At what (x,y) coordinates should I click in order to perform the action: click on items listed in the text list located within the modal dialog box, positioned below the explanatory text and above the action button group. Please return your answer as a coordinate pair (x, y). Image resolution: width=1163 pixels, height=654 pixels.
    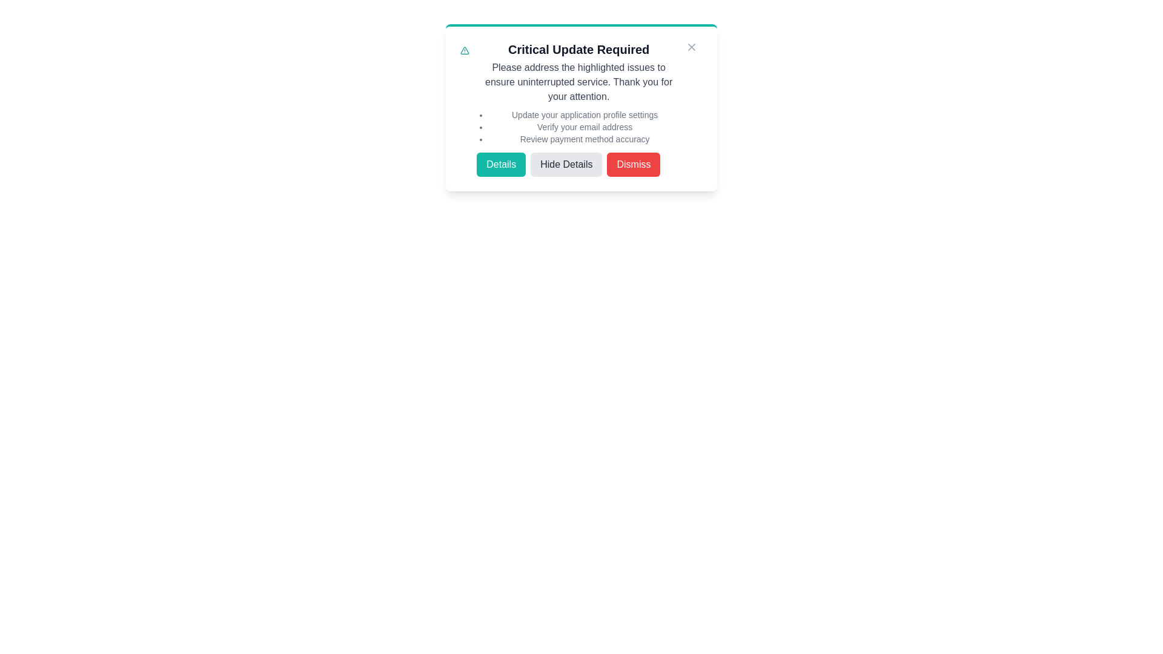
    Looking at the image, I should click on (578, 127).